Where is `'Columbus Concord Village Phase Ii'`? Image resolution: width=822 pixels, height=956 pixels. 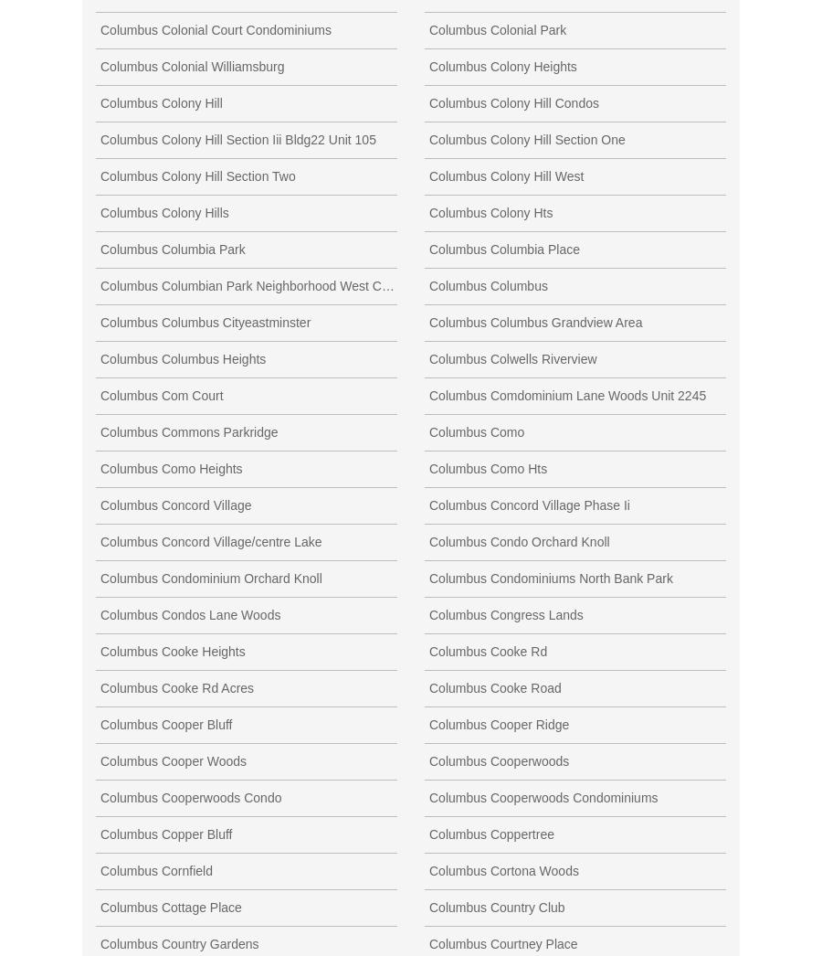 'Columbus Concord Village Phase Ii' is located at coordinates (427, 503).